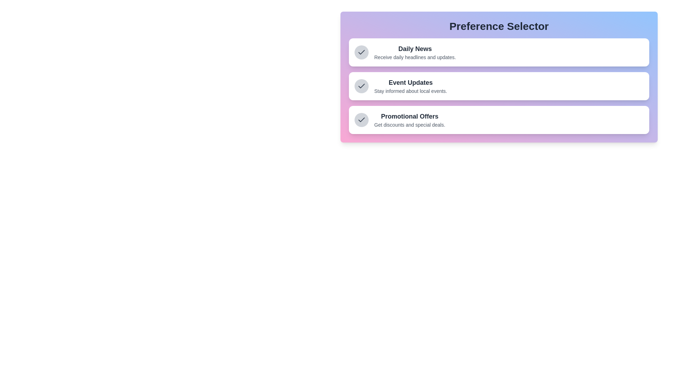 This screenshot has width=676, height=380. I want to click on the preference item Event Updates to focus on it, so click(362, 86).